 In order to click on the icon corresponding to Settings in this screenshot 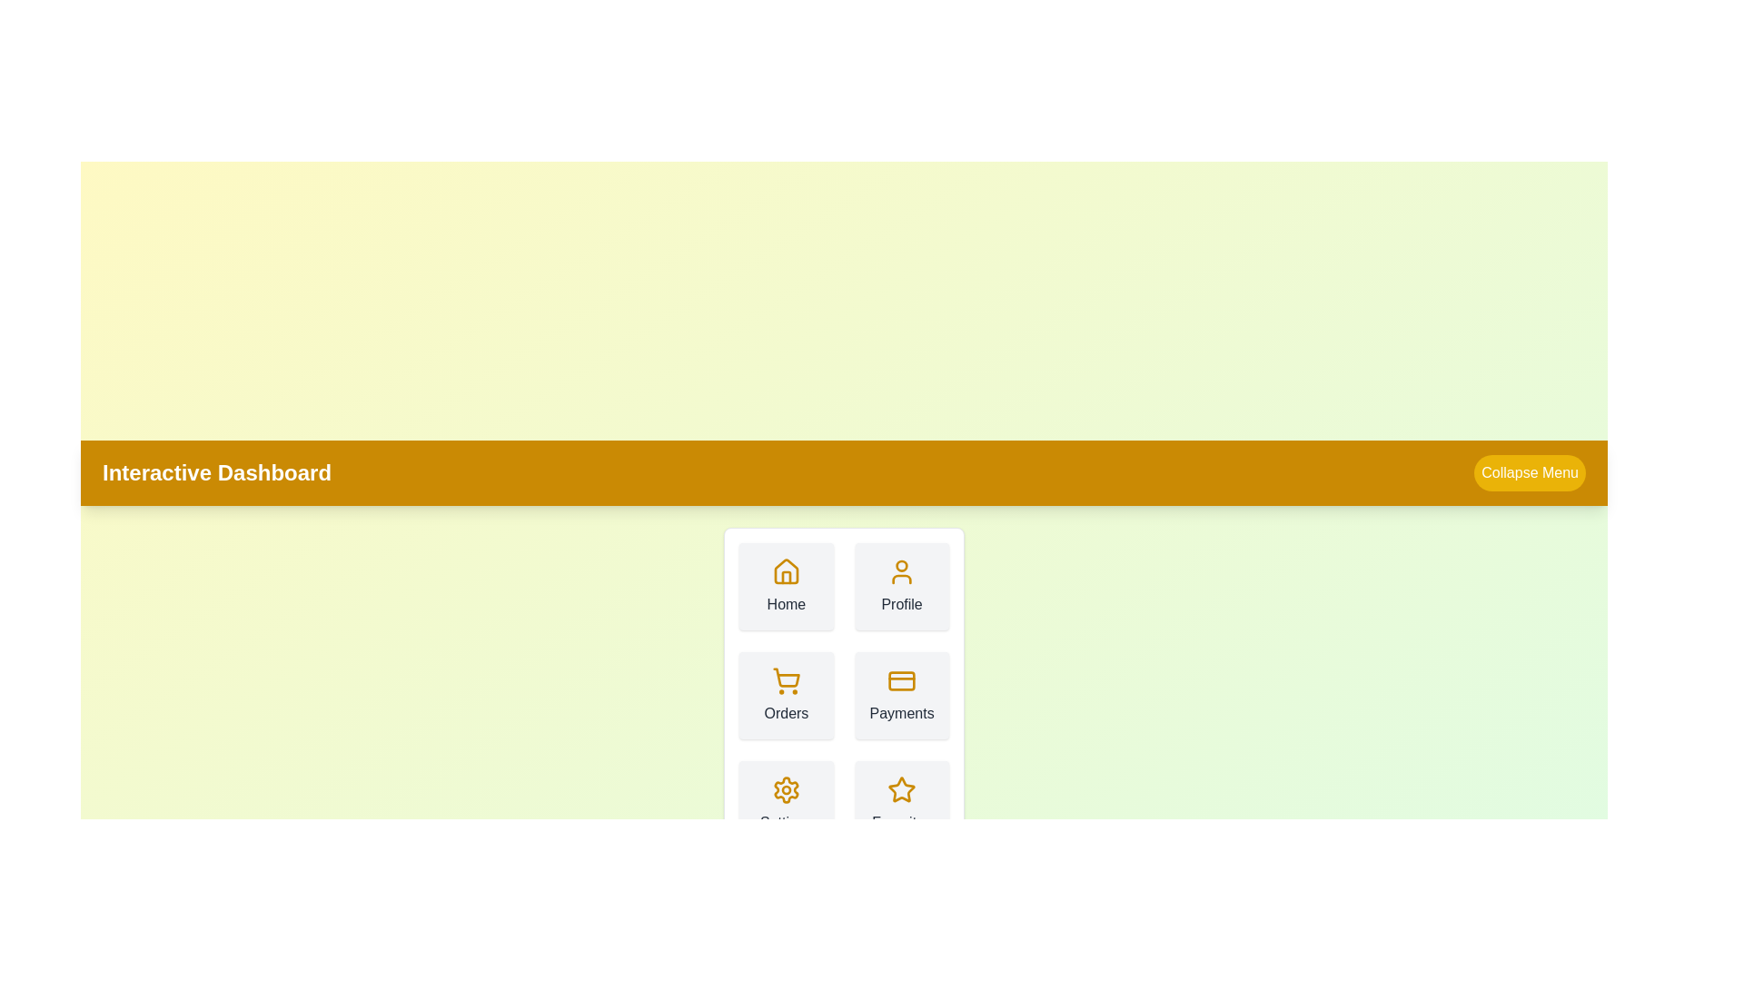, I will do `click(786, 789)`.